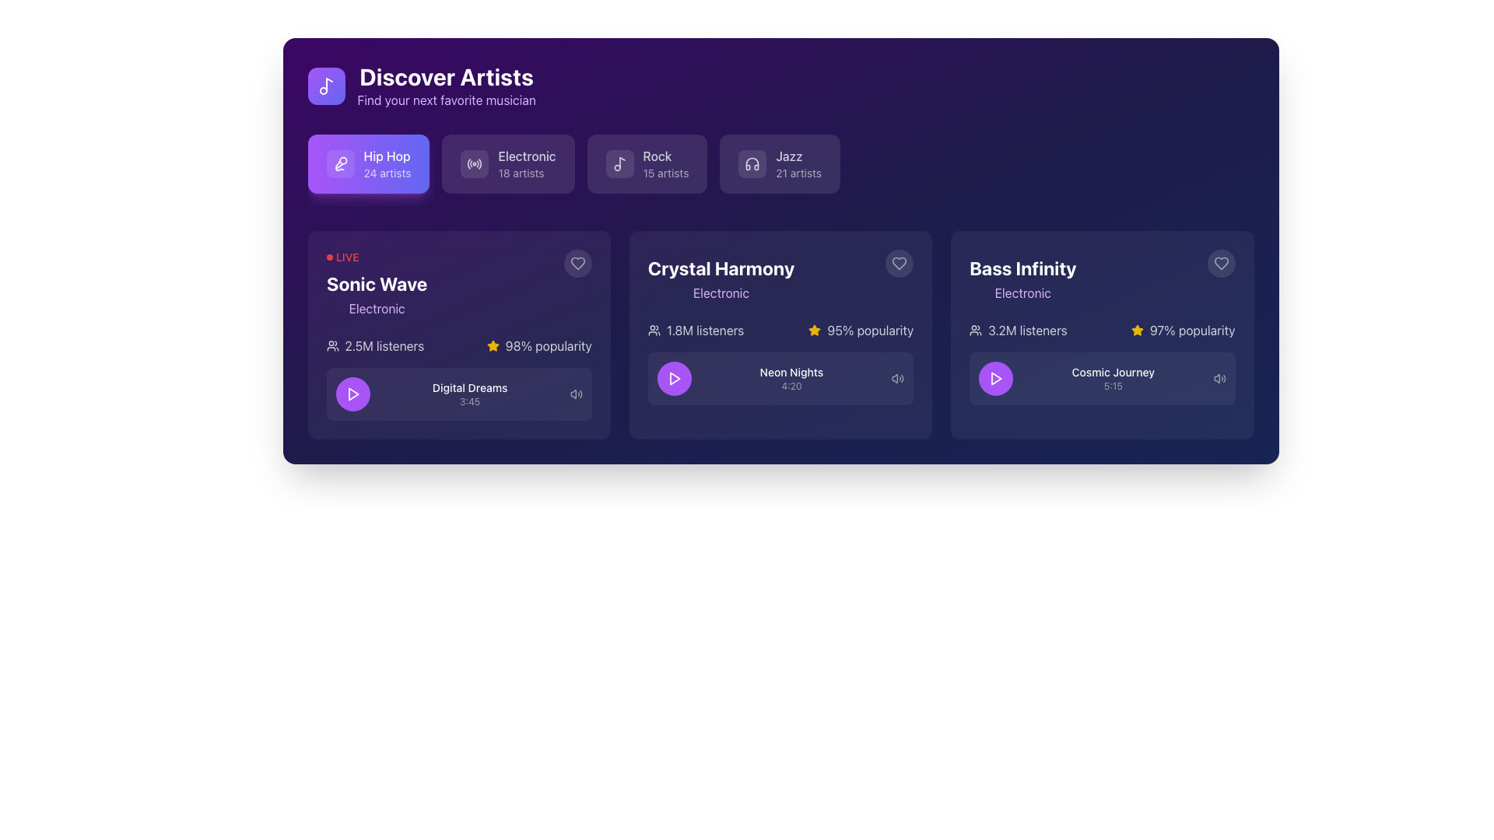  Describe the element at coordinates (577, 263) in the screenshot. I see `the 'like' button located at the top right corner of the leftmost card representing a musical artist` at that location.